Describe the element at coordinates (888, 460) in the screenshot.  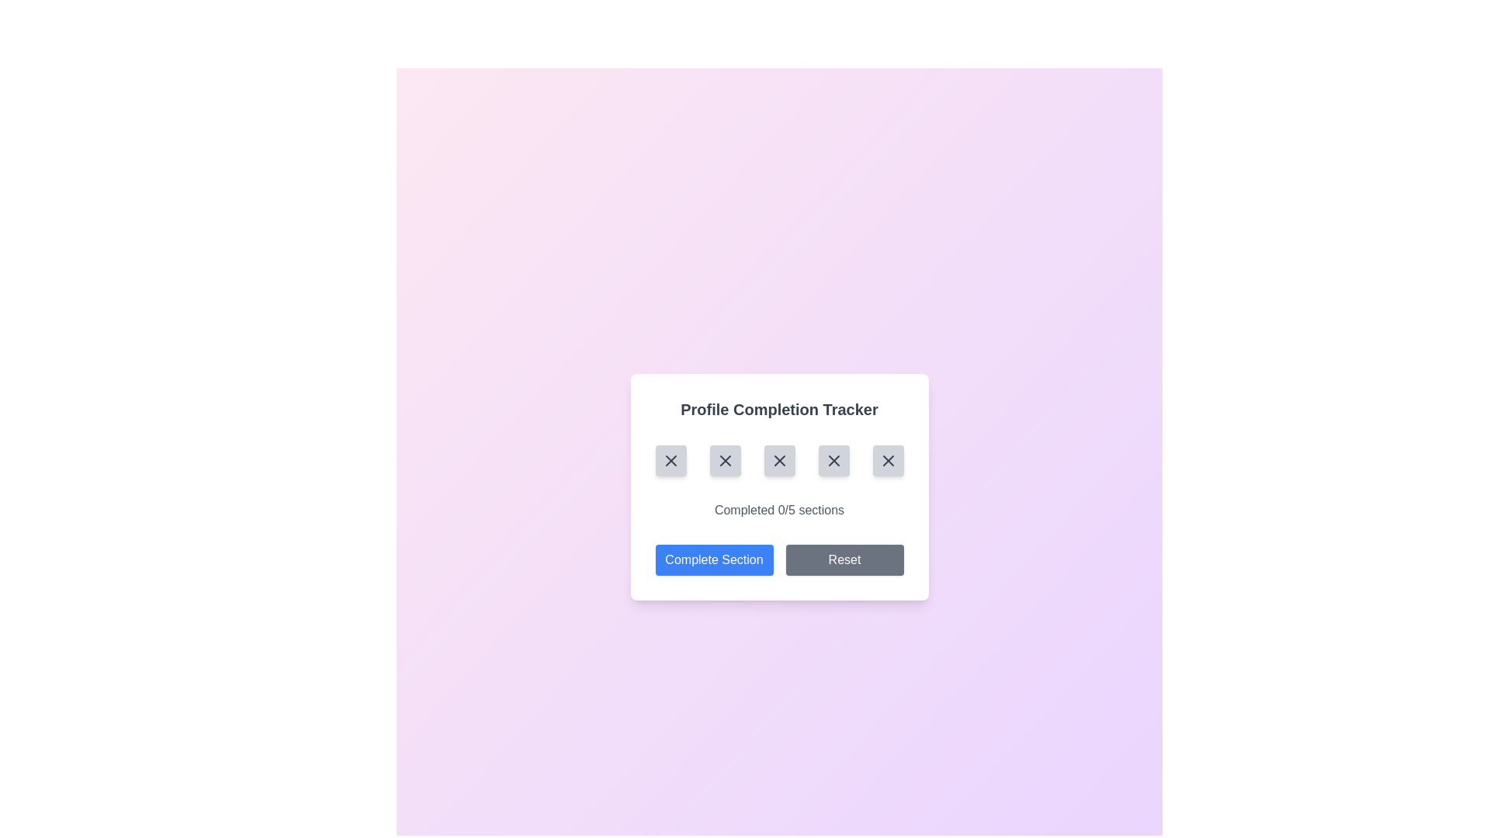
I see `the fifth icon in the Profile Completion Tracker` at that location.